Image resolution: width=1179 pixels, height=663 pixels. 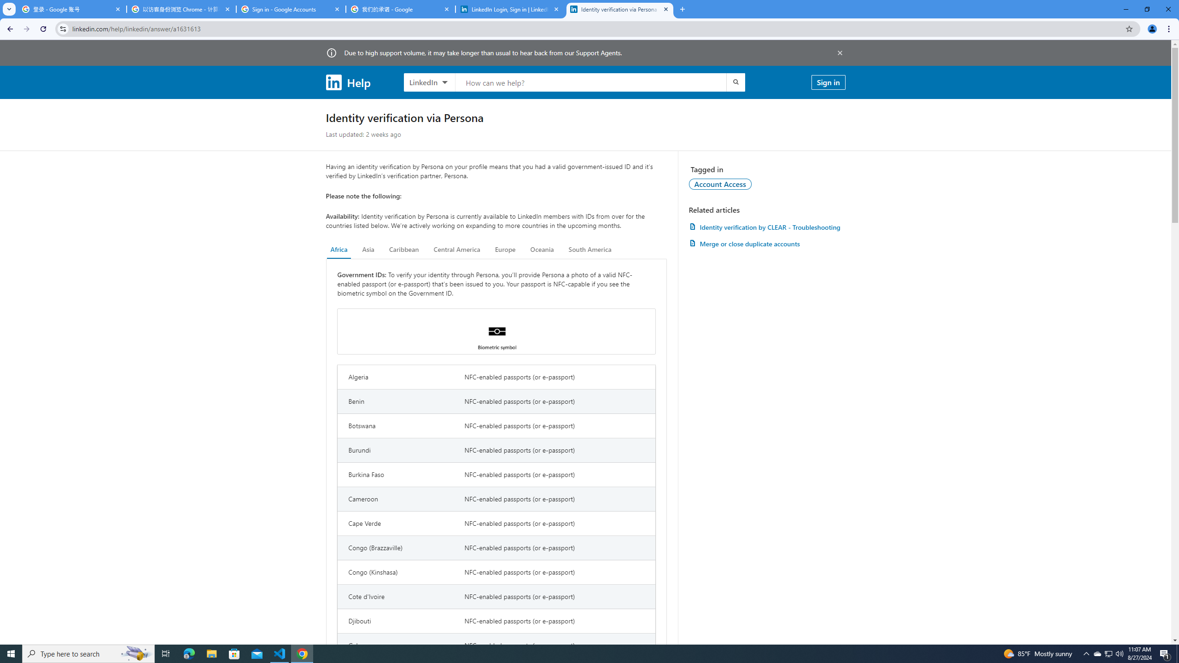 I want to click on 'Identity verification by CLEAR - Troubleshooting', so click(x=766, y=227).